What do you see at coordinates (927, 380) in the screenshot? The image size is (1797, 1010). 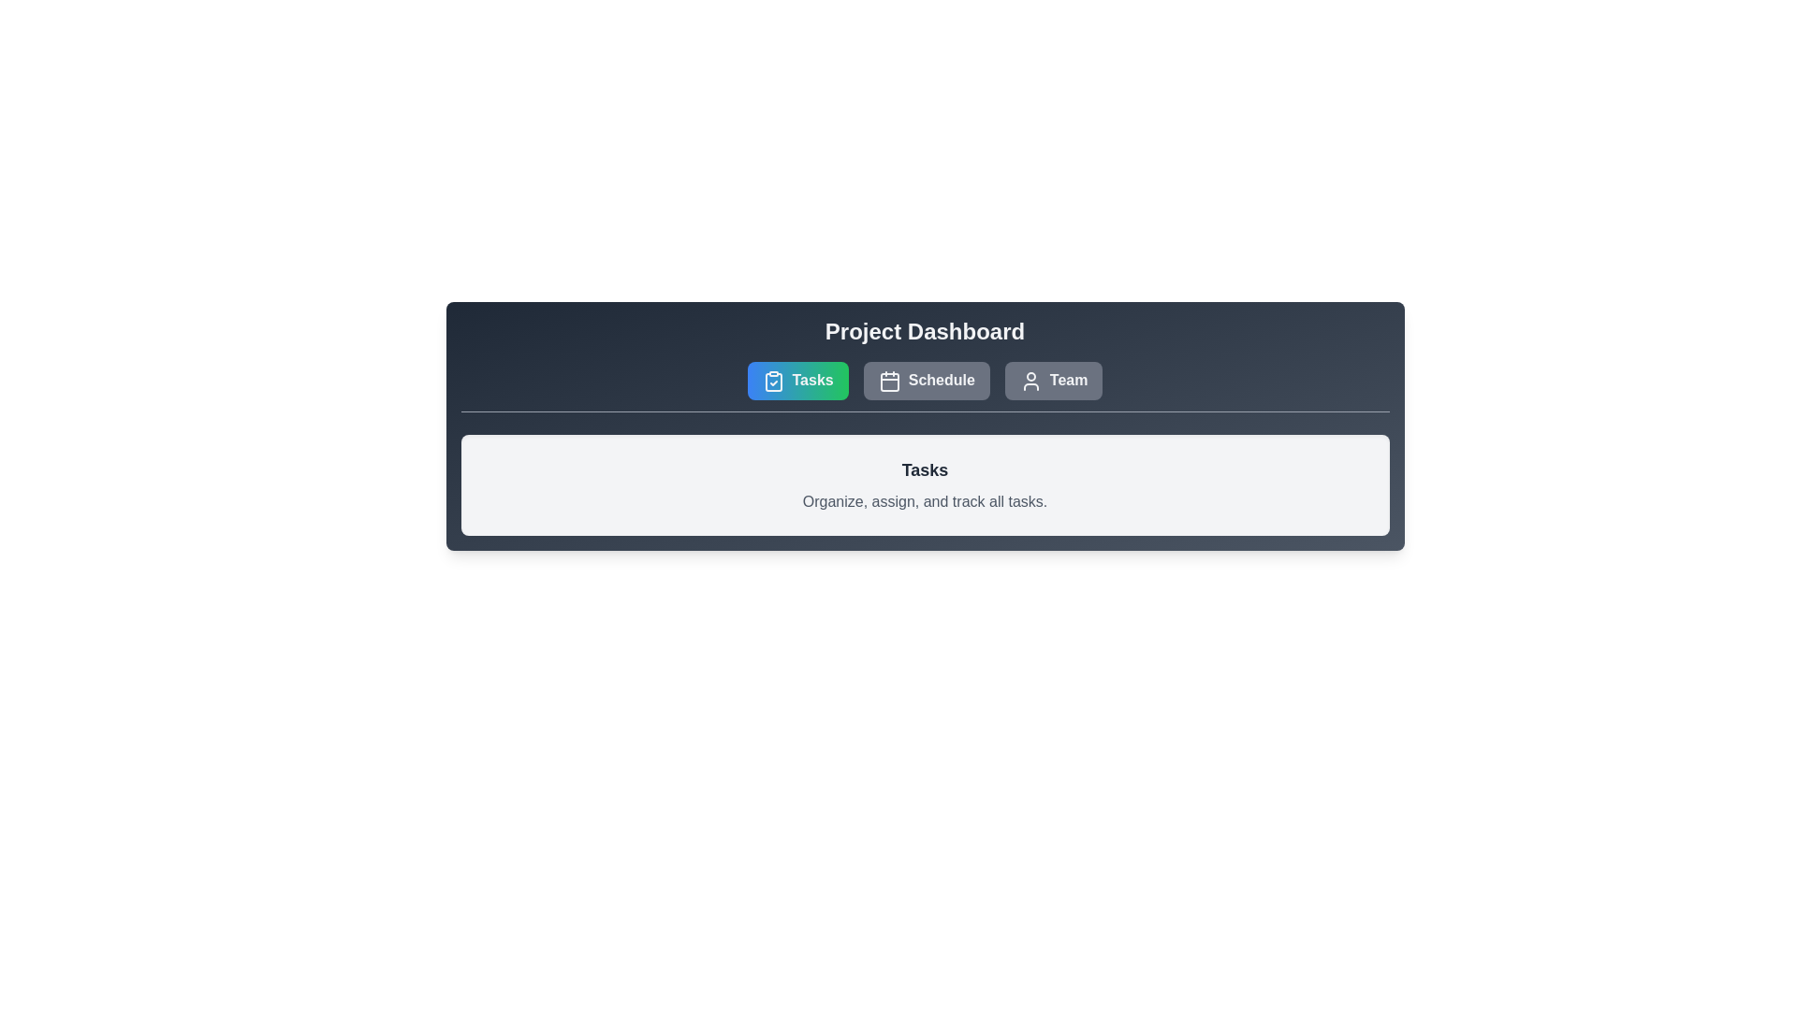 I see `the 'Schedule' button, which is a rectangular button with a rounded design and a gray background, featuring a calendar icon on the left and the text 'Schedule' in white` at bounding box center [927, 380].